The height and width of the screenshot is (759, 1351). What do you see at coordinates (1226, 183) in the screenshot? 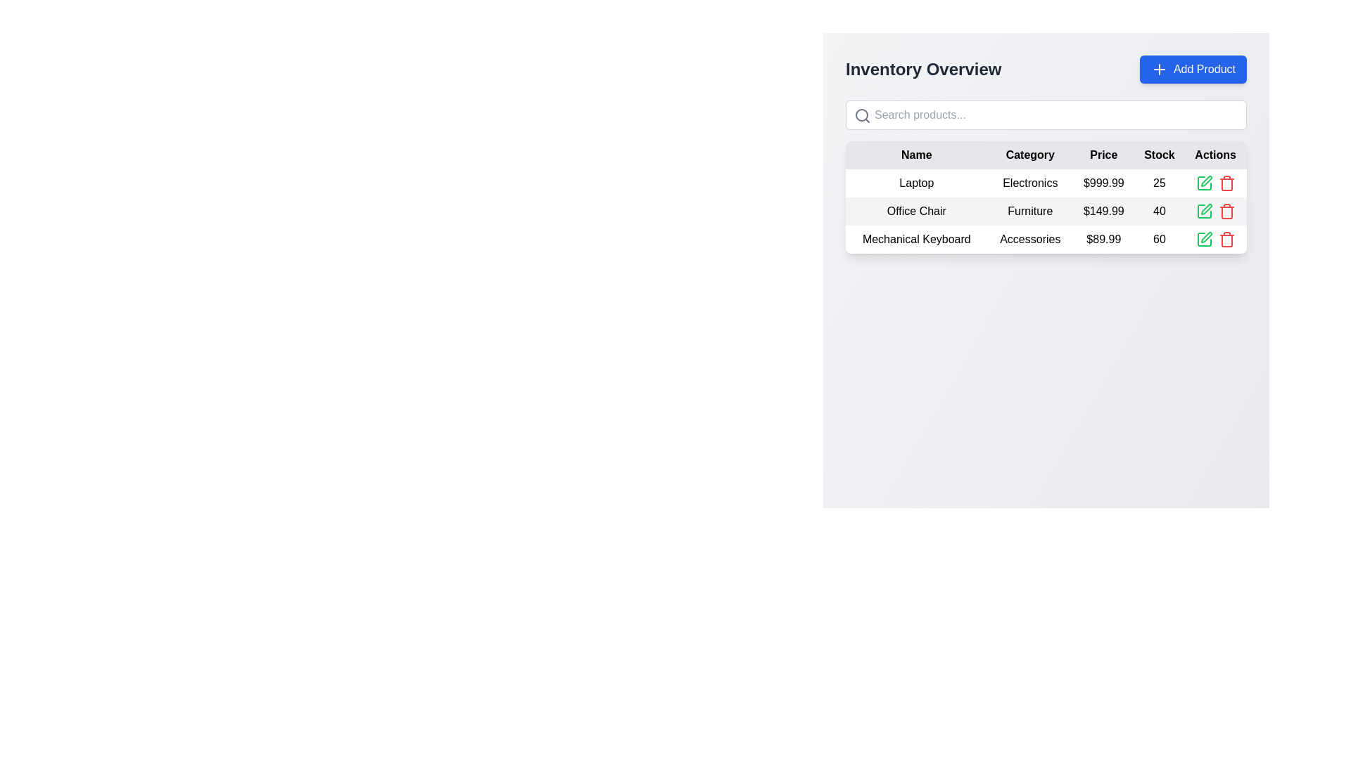
I see `the delete button for the 'Mechanical Keyboard' item, which is the third icon in the 'Actions' column of the table` at bounding box center [1226, 183].